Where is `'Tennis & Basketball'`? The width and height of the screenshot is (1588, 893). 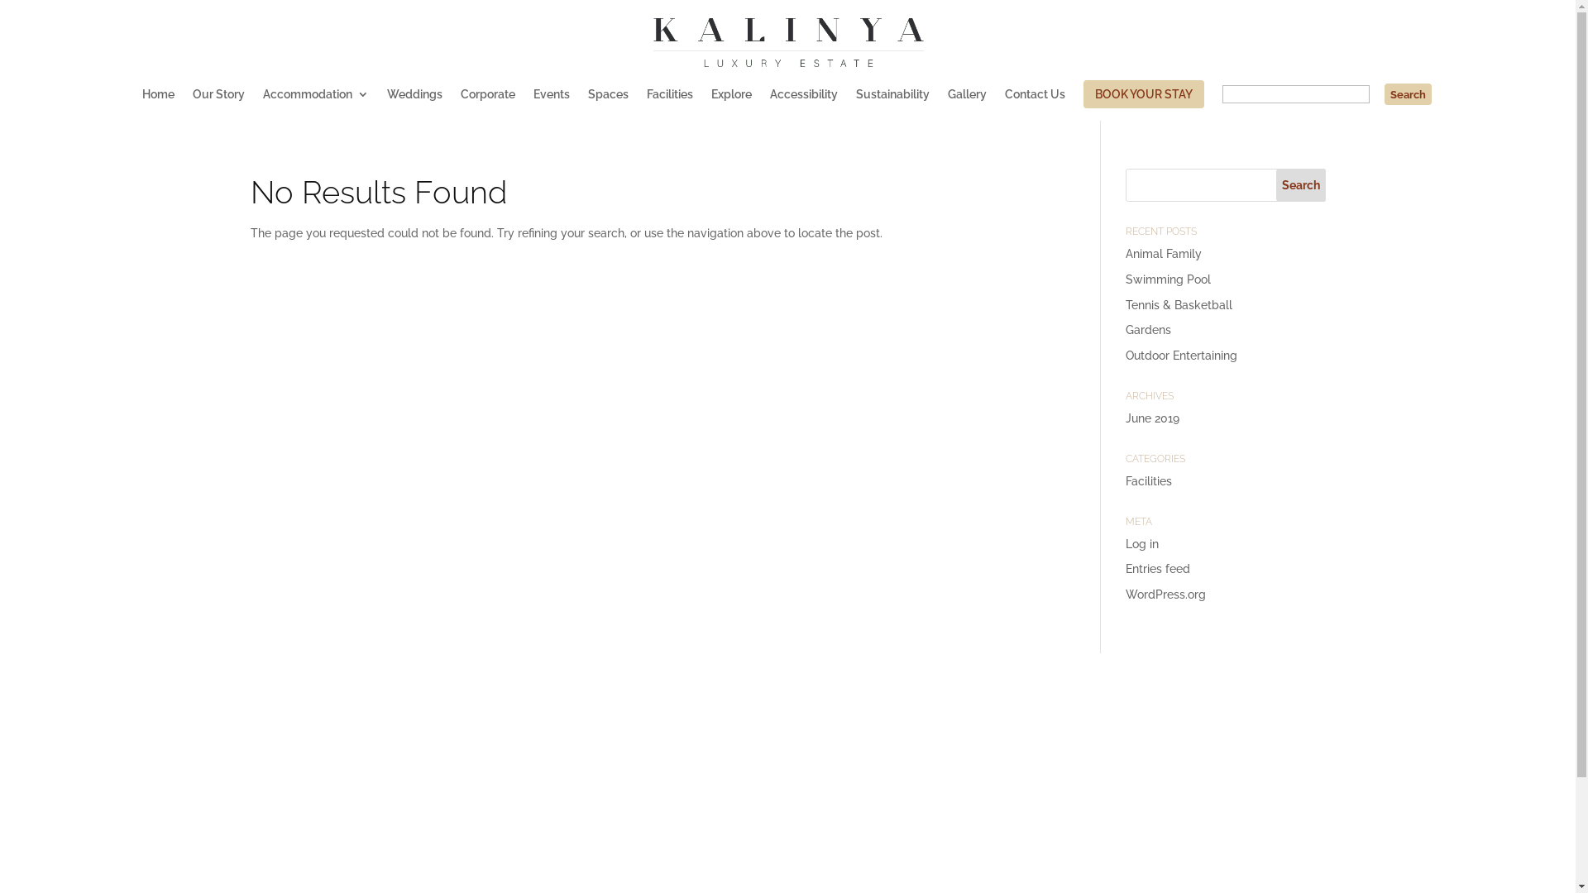 'Tennis & Basketball' is located at coordinates (1178, 305).